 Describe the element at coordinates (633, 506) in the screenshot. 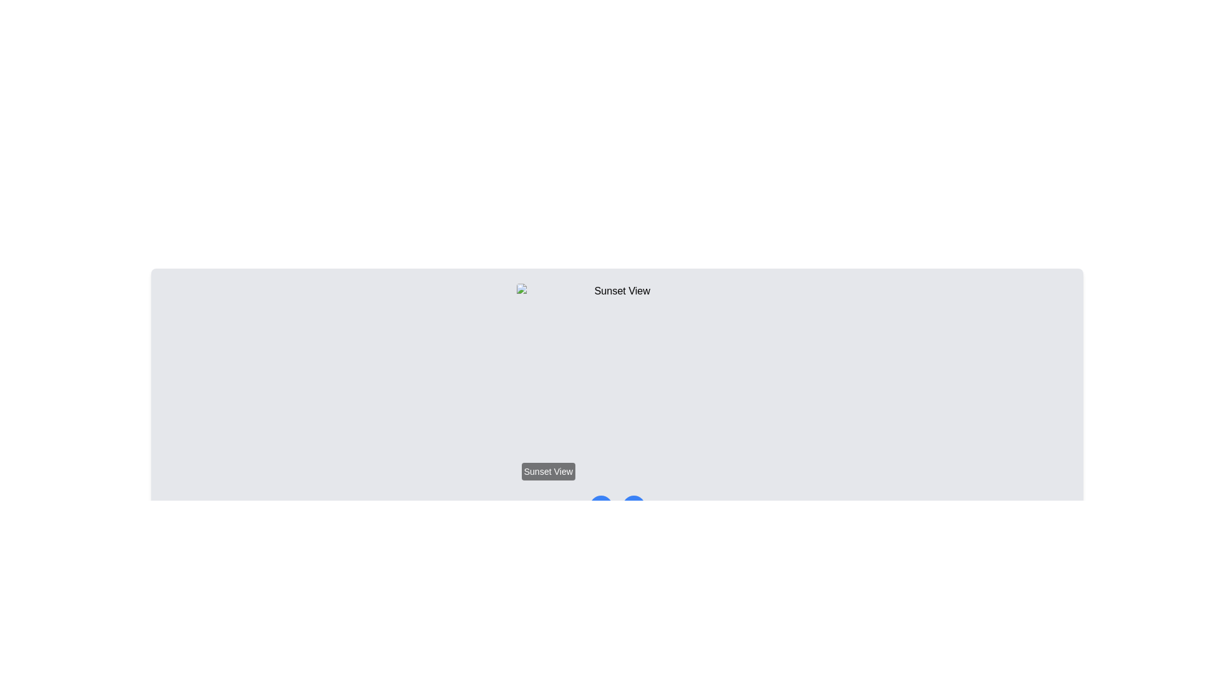

I see `the chevron icon representing a 'next' or 'forward' action located at the center of the interface` at that location.